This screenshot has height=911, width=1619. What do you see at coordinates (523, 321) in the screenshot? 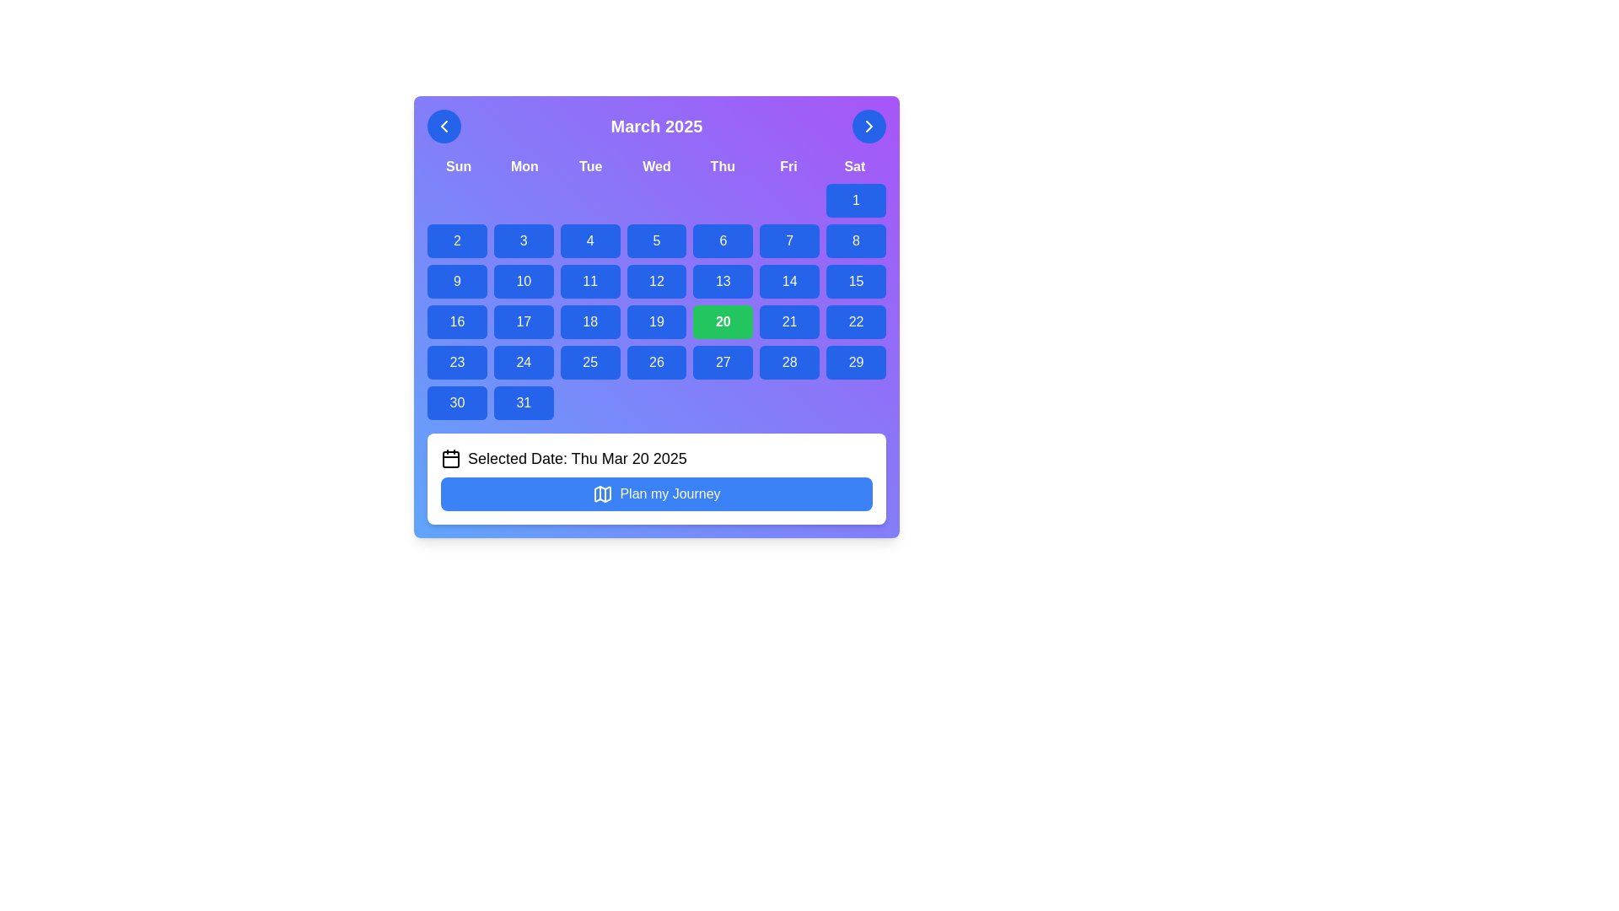
I see `the button representing the 17th of the month in the calendar grid, located in the fourth row and second column` at bounding box center [523, 321].